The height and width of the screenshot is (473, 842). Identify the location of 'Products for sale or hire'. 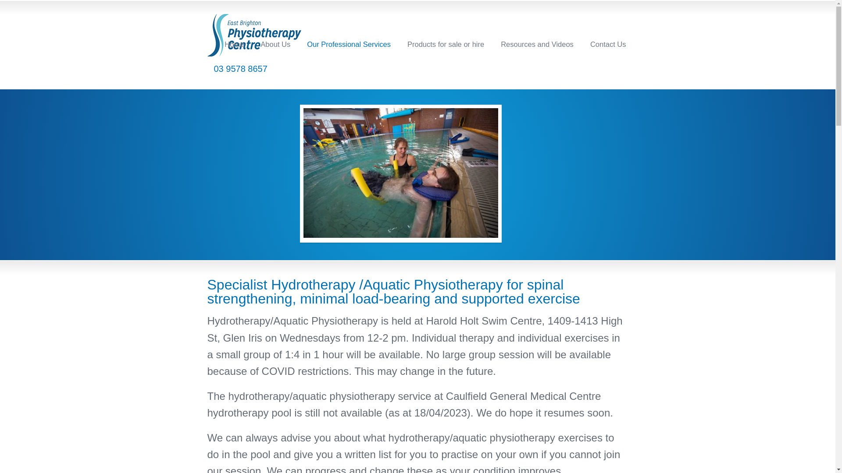
(446, 44).